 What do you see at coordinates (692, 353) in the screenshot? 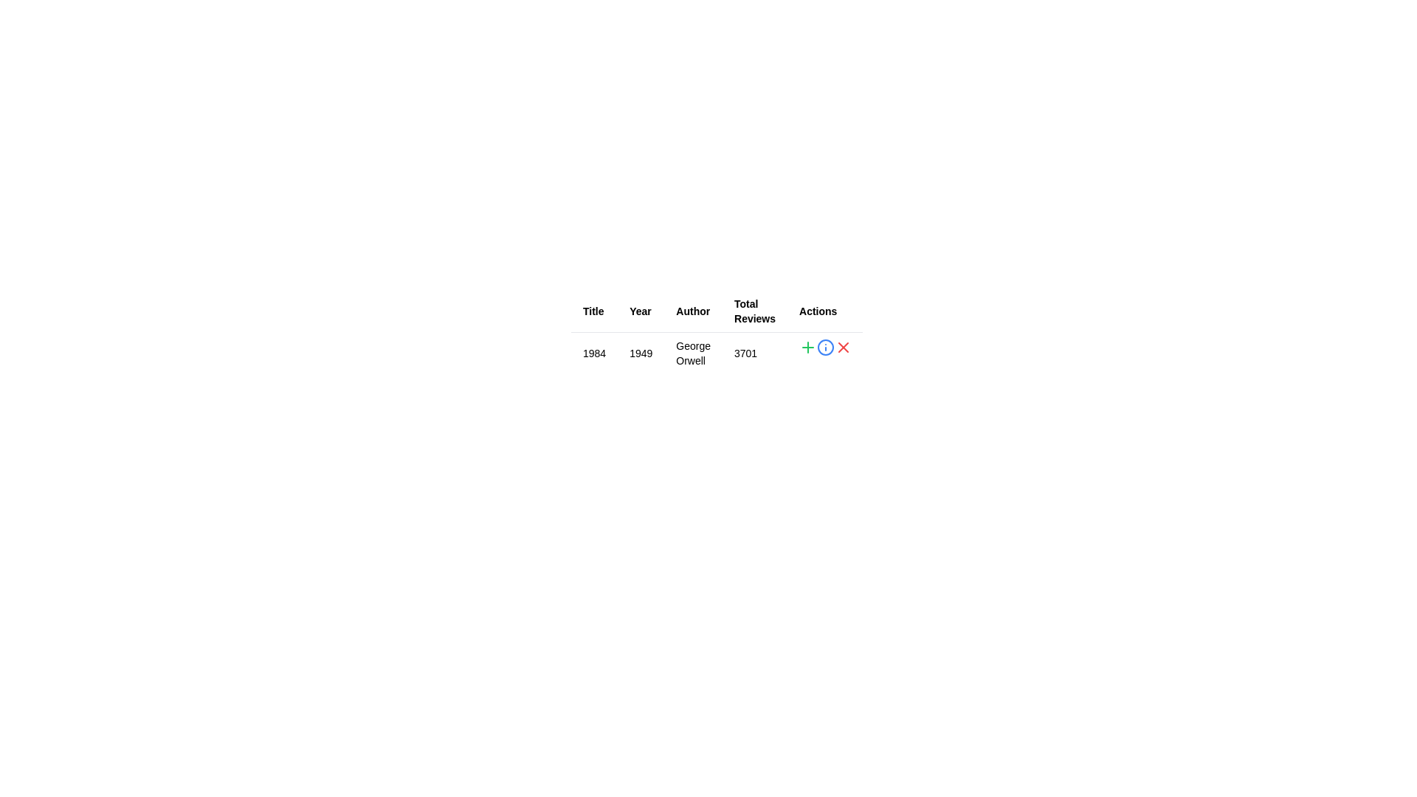
I see `the text label displaying 'George Orwell', which is in the third column of the row labeled 'Author', surrounded by '1949' on the left and '3701' on the right` at bounding box center [692, 353].